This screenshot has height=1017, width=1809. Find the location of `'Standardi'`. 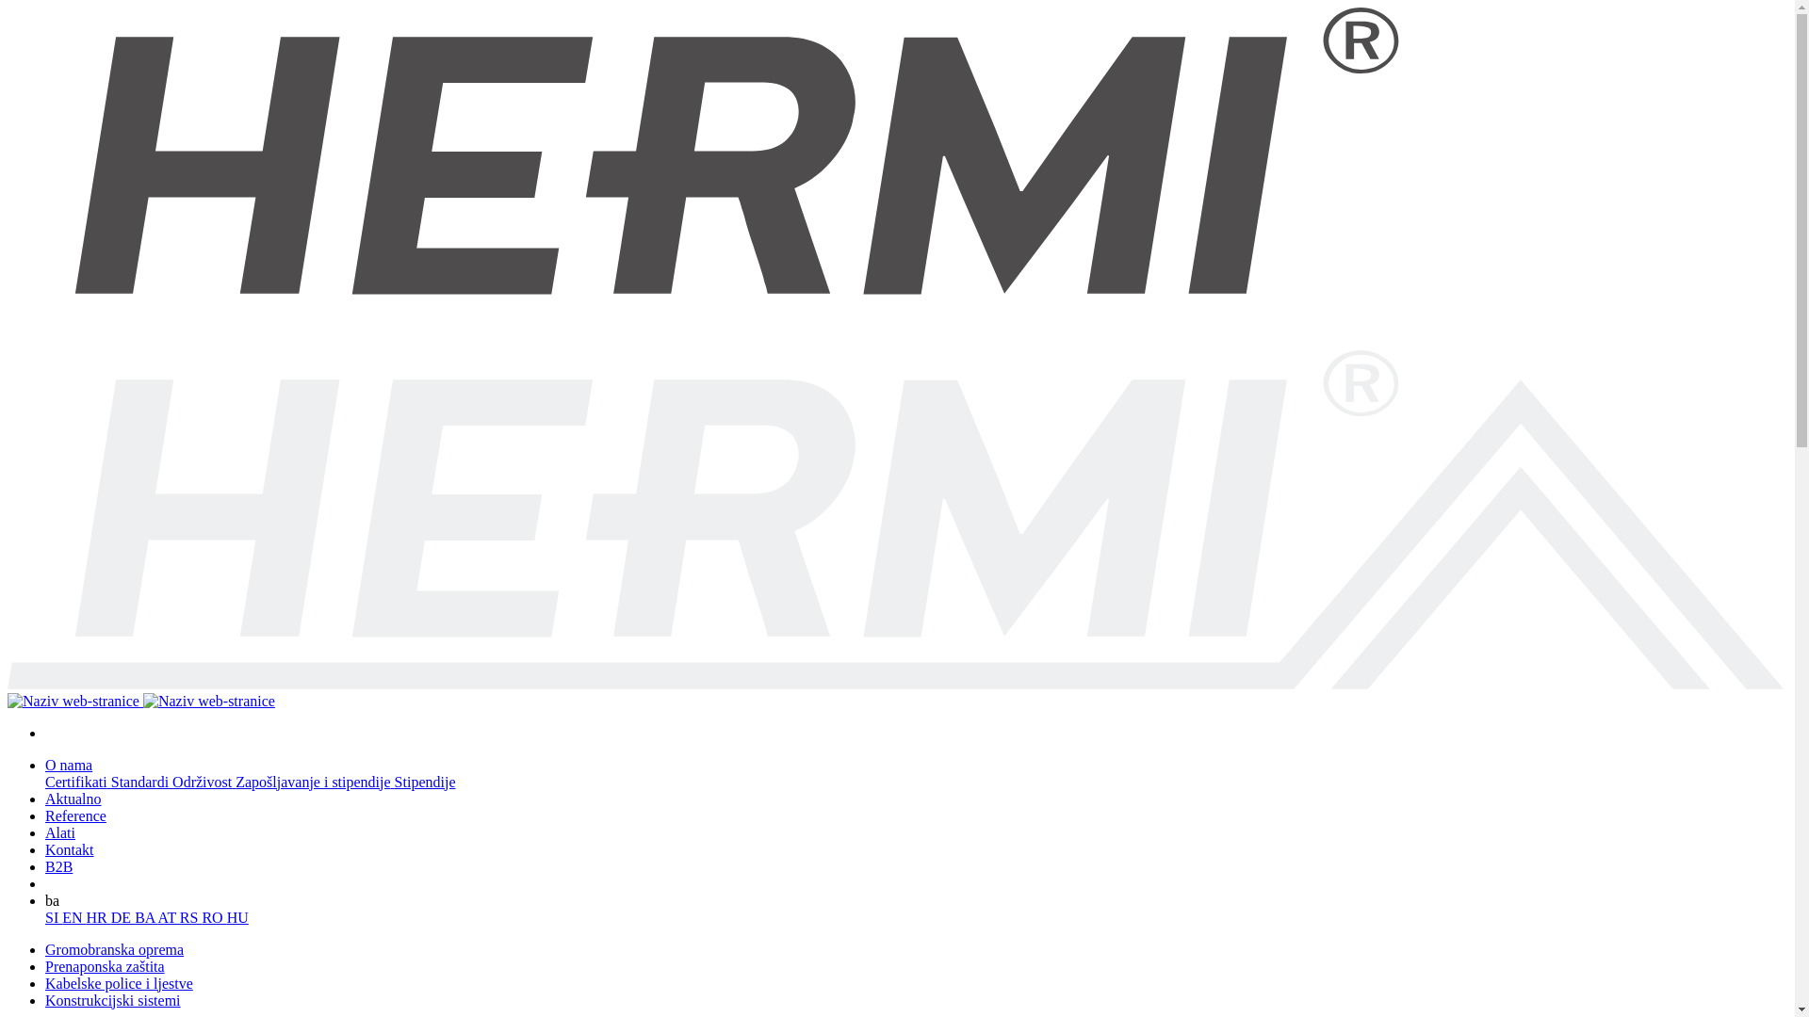

'Standardi' is located at coordinates (140, 782).